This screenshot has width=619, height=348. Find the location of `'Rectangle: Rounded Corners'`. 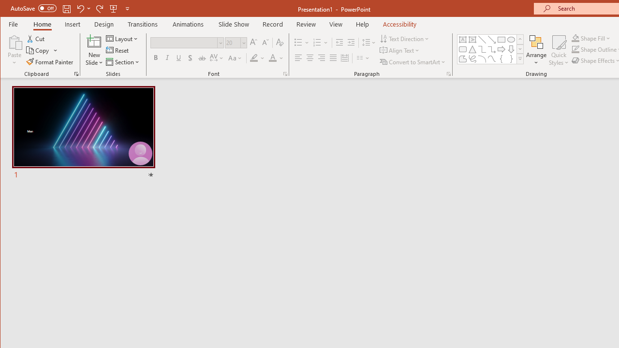

'Rectangle: Rounded Corners' is located at coordinates (462, 49).